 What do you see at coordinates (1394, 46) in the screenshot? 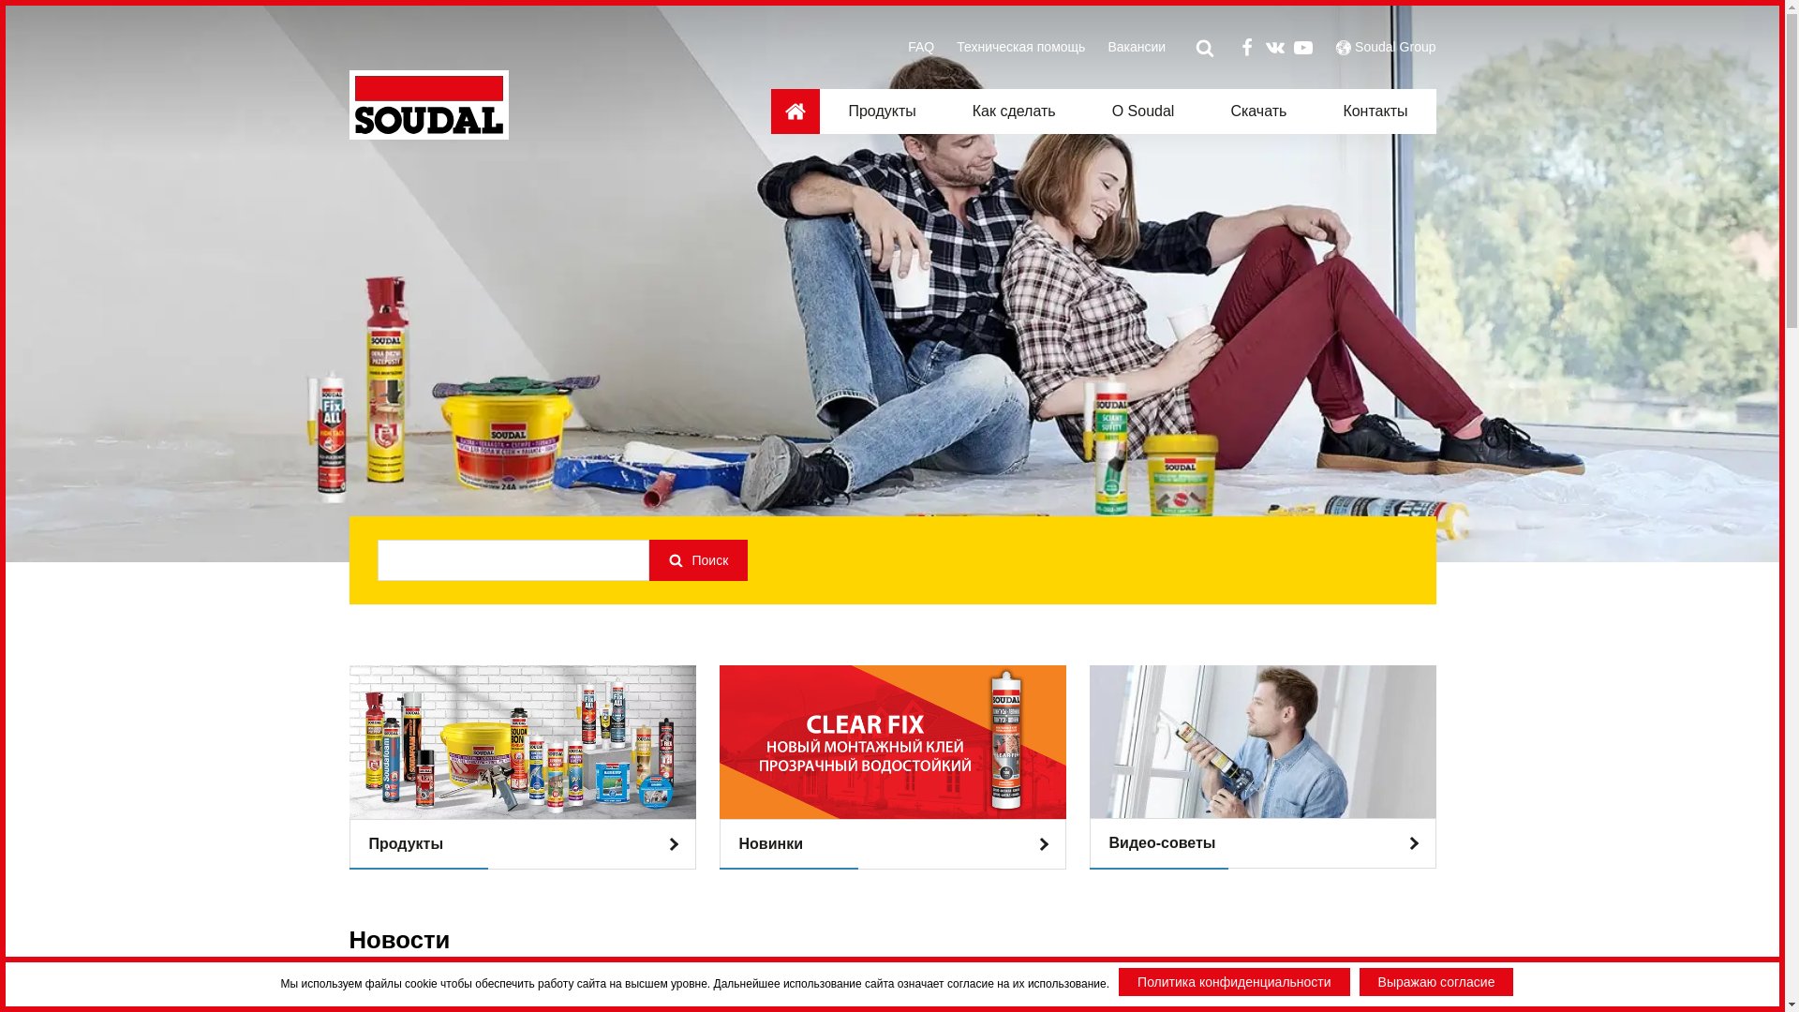
I see `'Soudal Group'` at bounding box center [1394, 46].